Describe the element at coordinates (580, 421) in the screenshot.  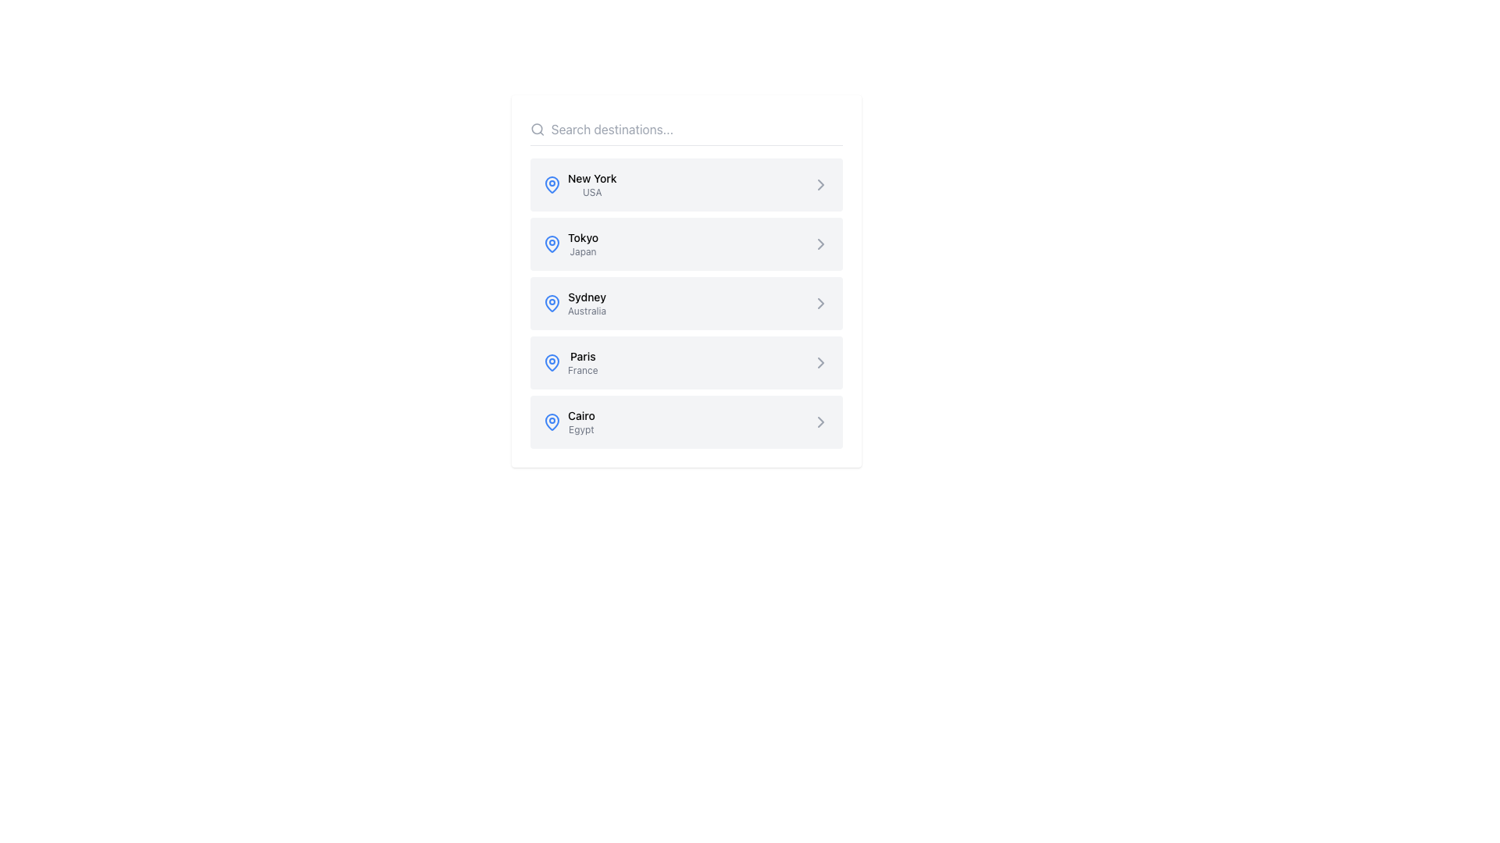
I see `the text label displaying 'Cairo' and 'Egypt' located in the fifth row of the destination list` at that location.